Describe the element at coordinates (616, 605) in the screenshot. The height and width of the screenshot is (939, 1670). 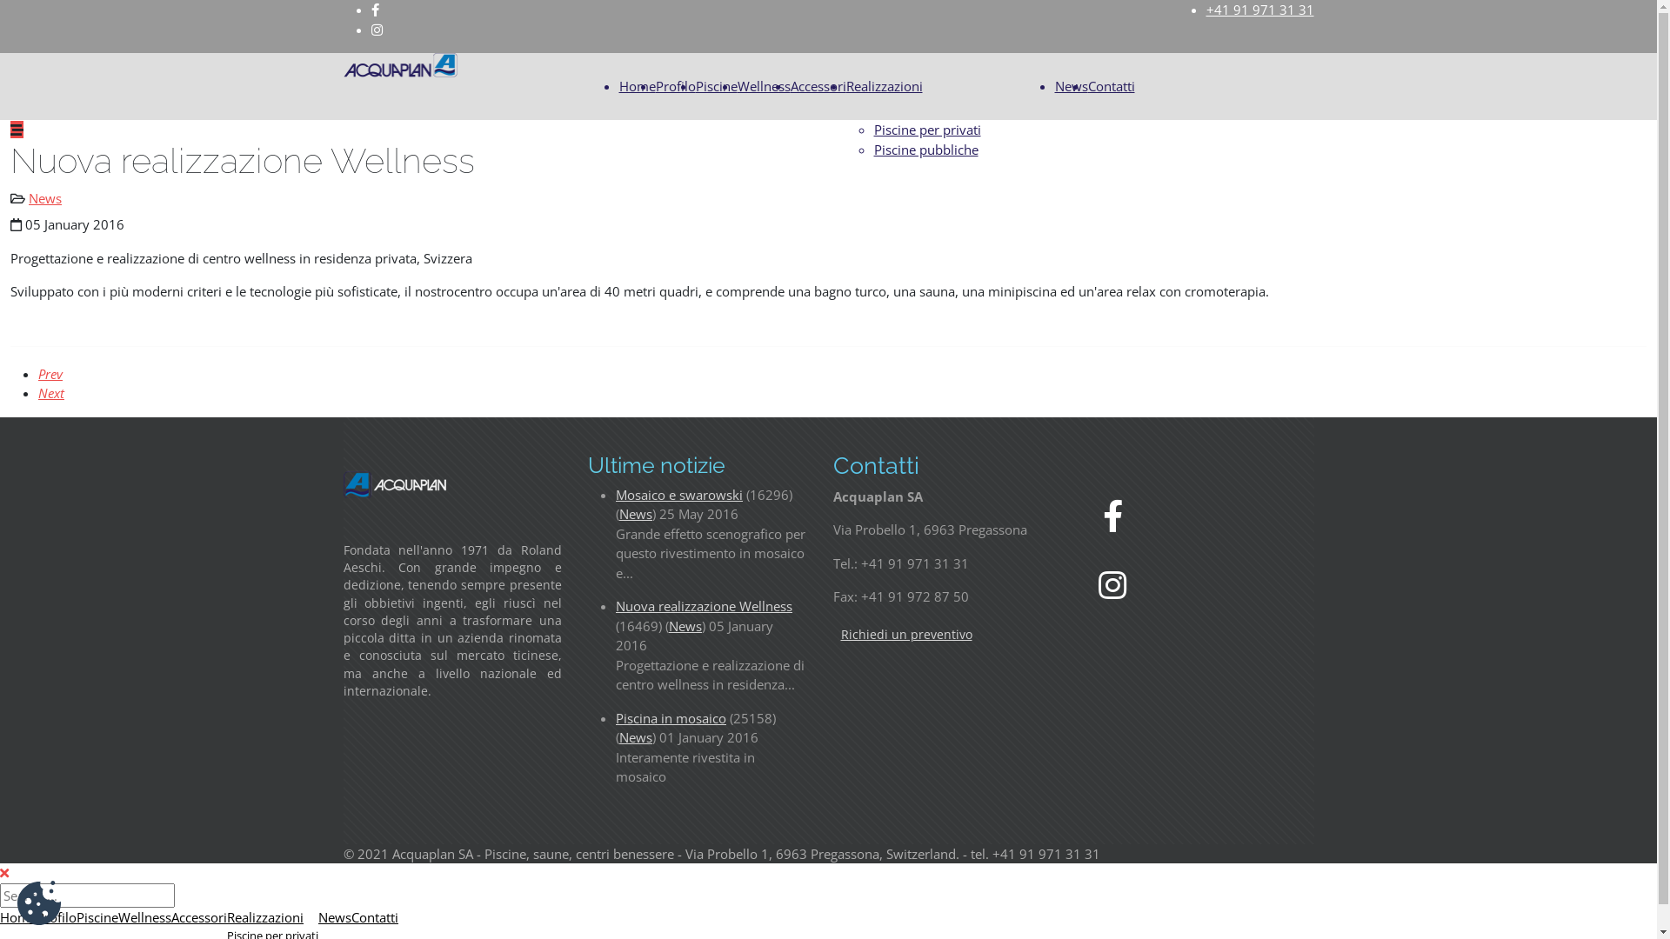
I see `'Nuova realizzazione Wellness'` at that location.